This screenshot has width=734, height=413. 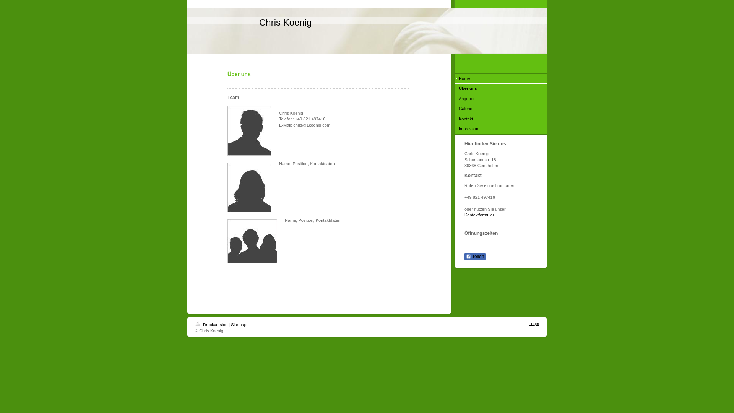 I want to click on 'Impressum', so click(x=501, y=128).